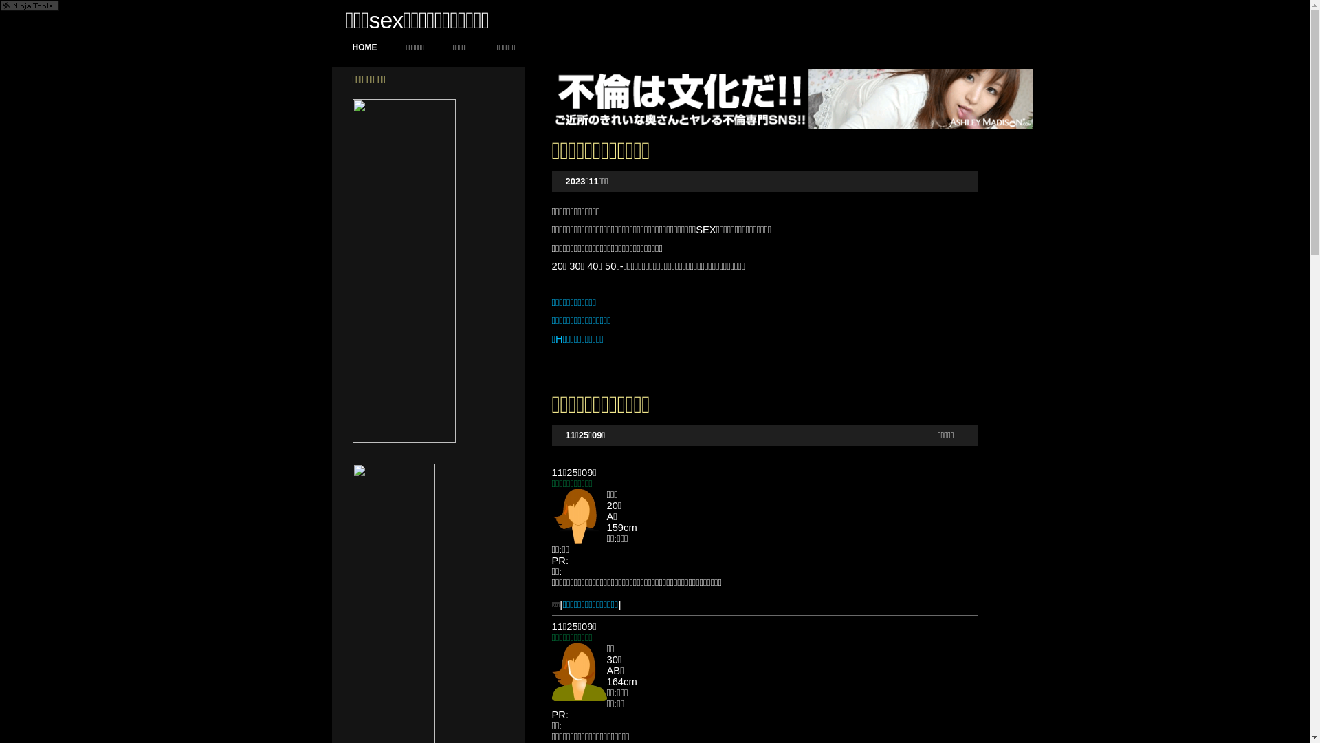 This screenshot has width=1320, height=743. What do you see at coordinates (364, 47) in the screenshot?
I see `'HOME'` at bounding box center [364, 47].